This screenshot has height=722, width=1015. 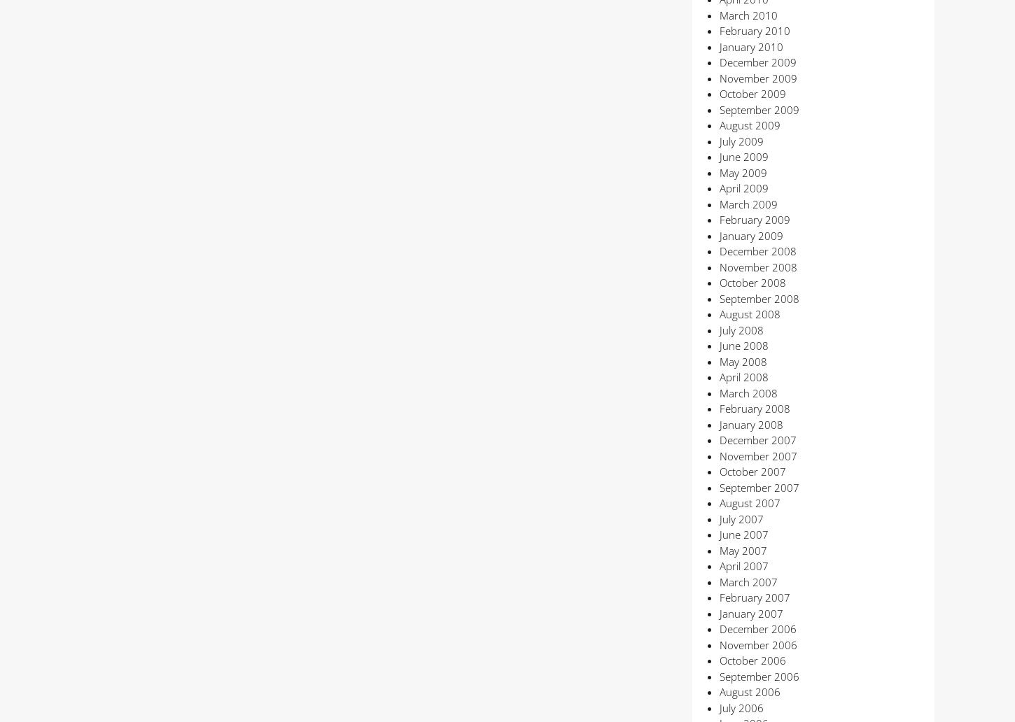 I want to click on 'December 2006', so click(x=757, y=628).